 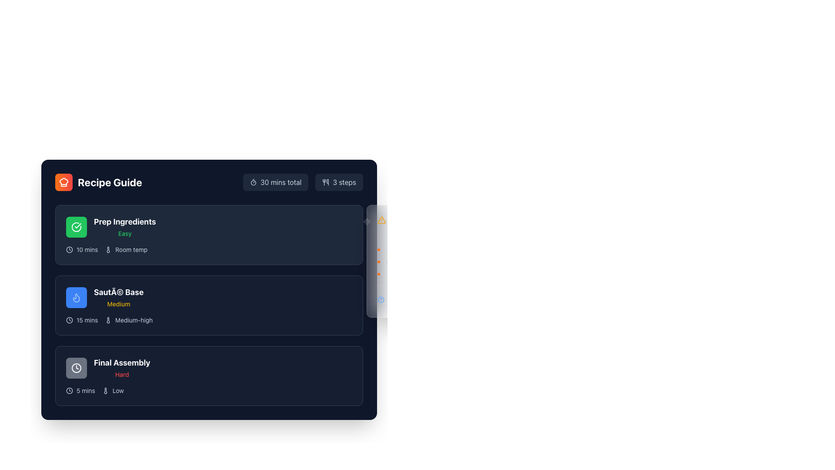 What do you see at coordinates (108, 320) in the screenshot?
I see `the thermometer bar icon associated with the 'Sauté Base' list item, which visually represents temperature` at bounding box center [108, 320].